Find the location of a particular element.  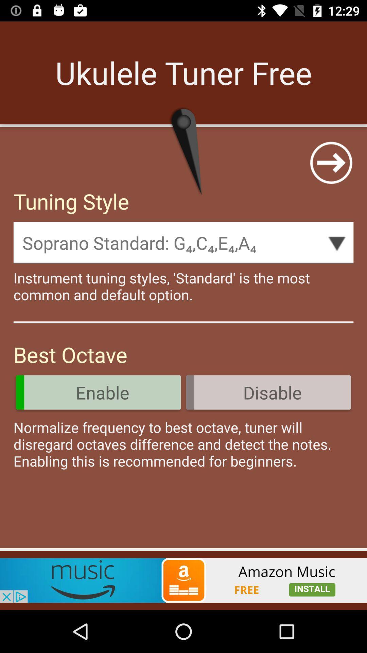

the arrow_forward icon is located at coordinates (331, 162).